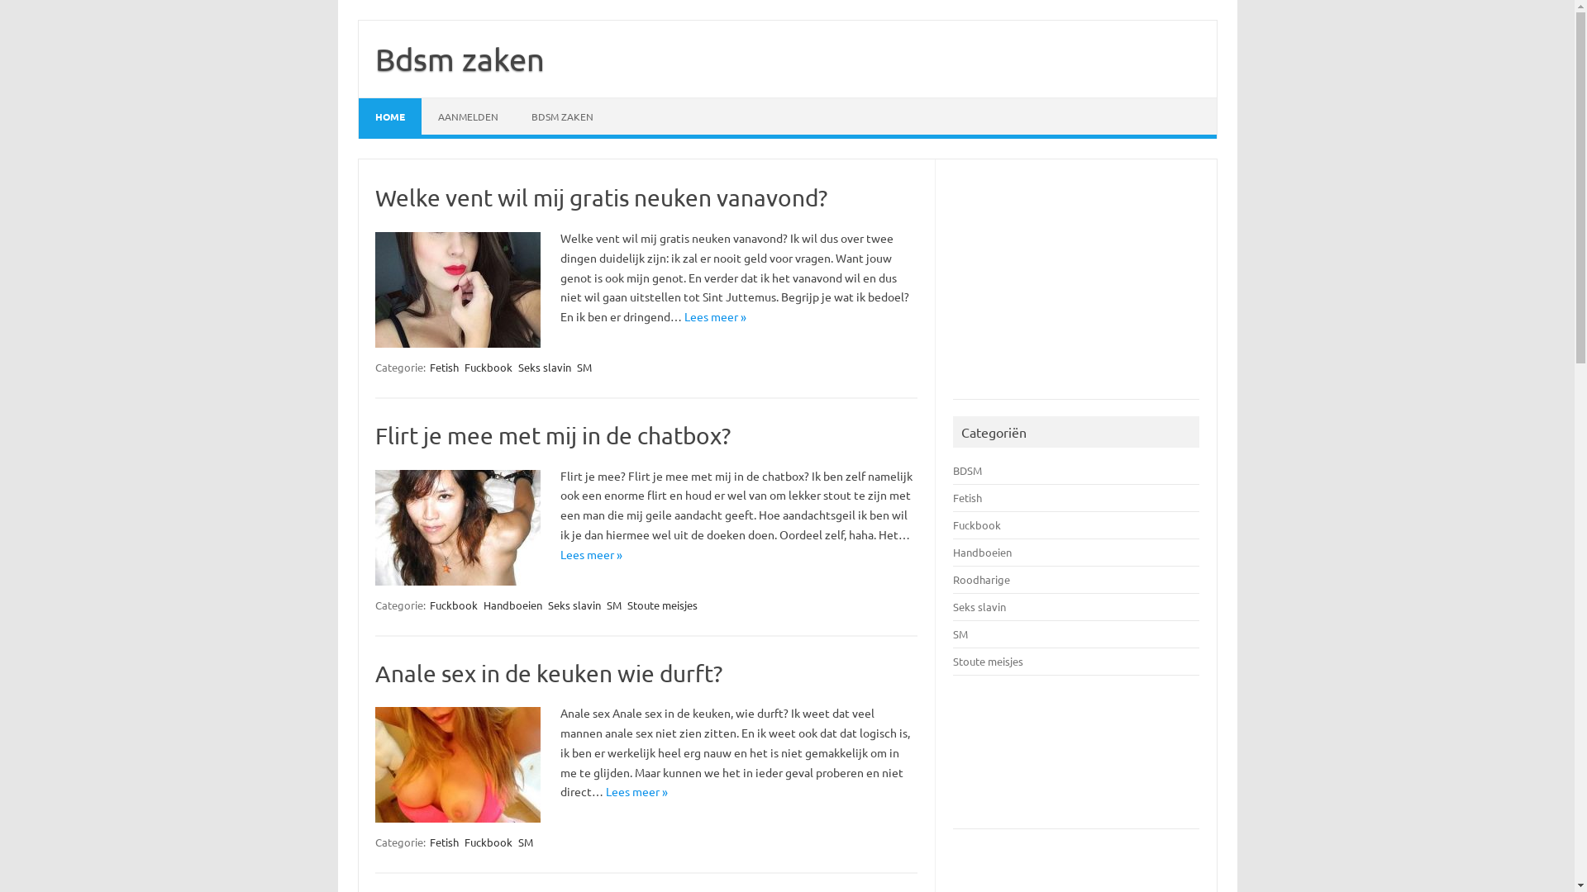  Describe the element at coordinates (467, 116) in the screenshot. I see `'AANMELDEN'` at that location.